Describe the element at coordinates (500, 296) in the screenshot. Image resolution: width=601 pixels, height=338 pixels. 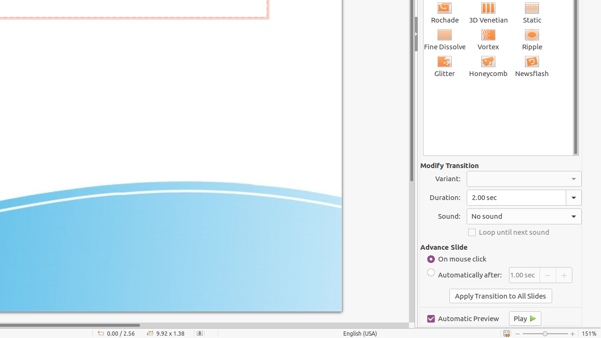
I see `'Apply Transition to All Slides'` at that location.